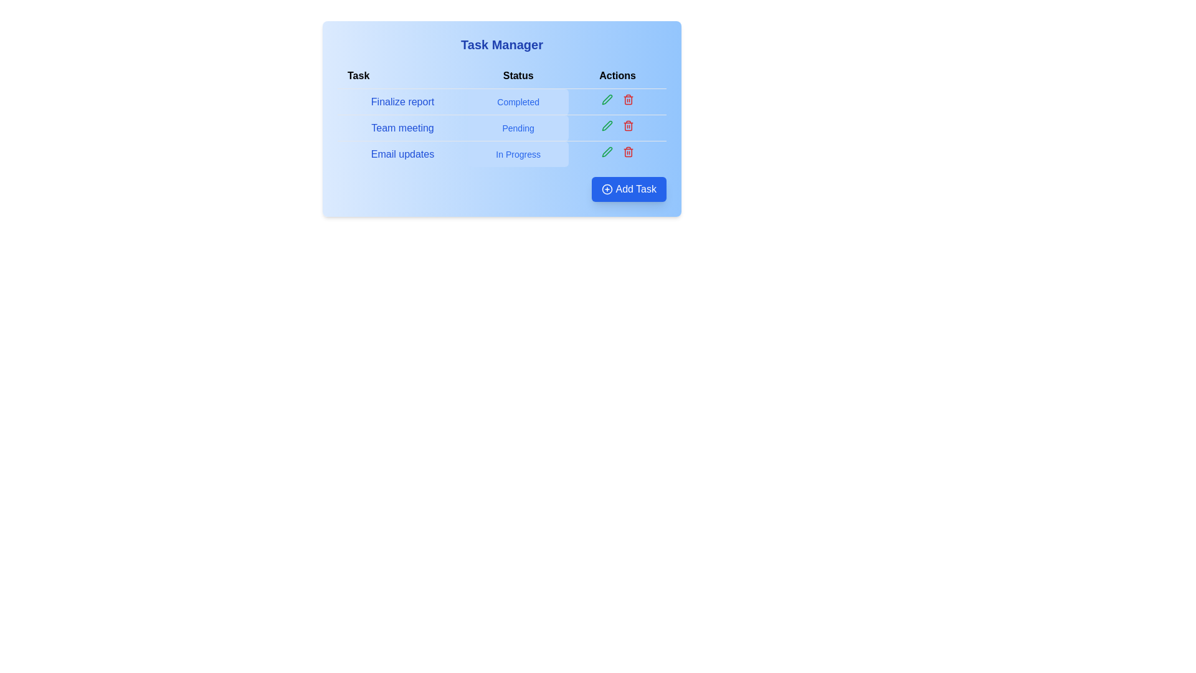 The width and height of the screenshot is (1196, 673). What do you see at coordinates (628, 125) in the screenshot?
I see `the delete icon for the task 'Team meeting' to remove it` at bounding box center [628, 125].